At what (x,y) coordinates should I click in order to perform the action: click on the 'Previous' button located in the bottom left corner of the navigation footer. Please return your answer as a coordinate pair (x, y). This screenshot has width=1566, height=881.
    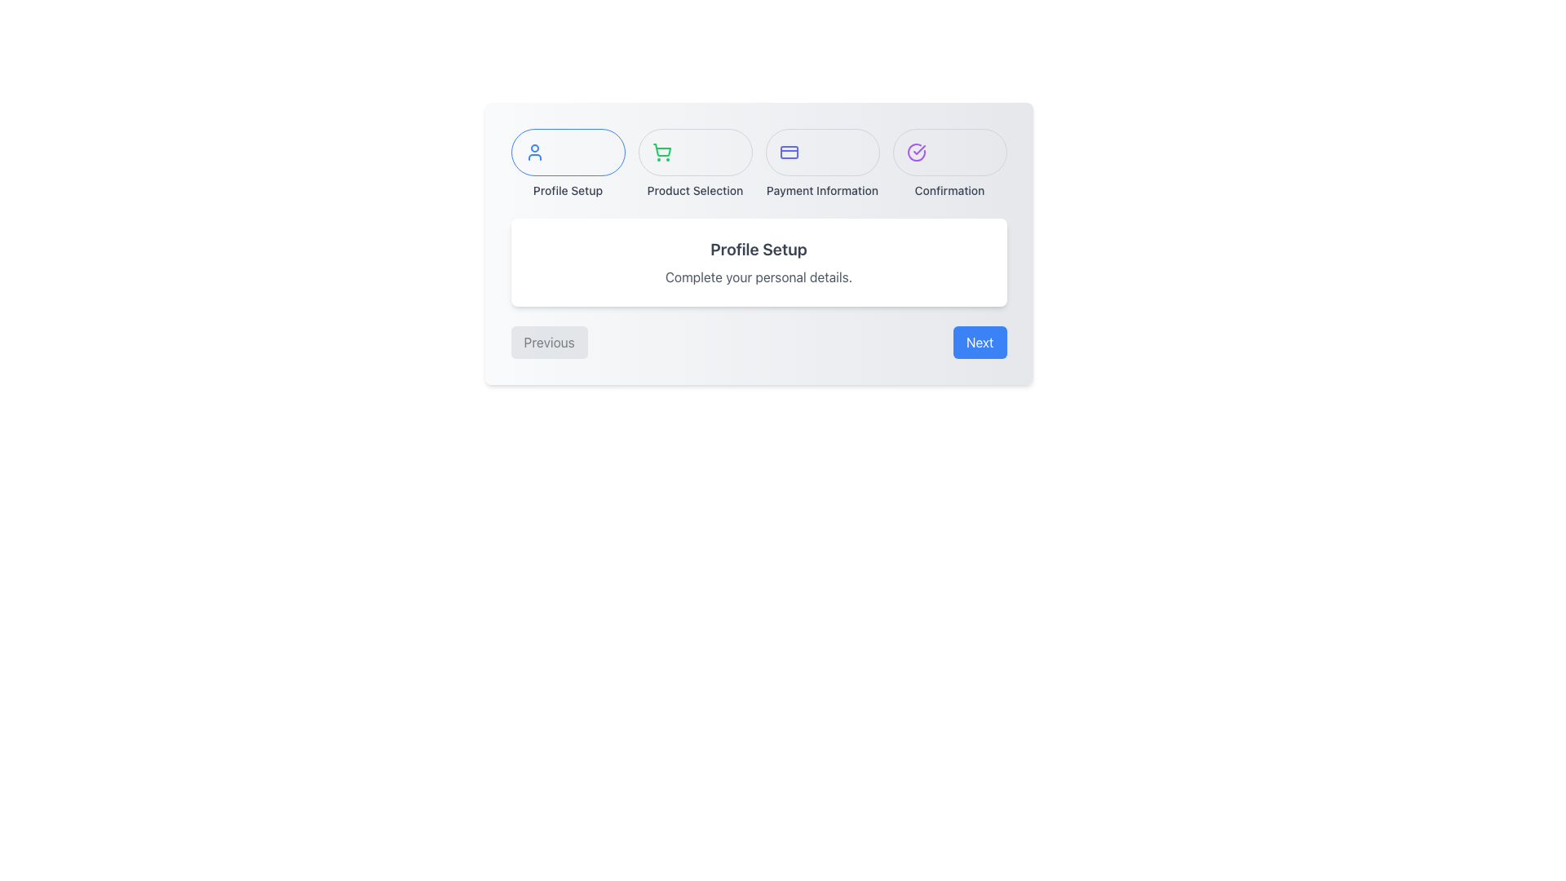
    Looking at the image, I should click on (549, 342).